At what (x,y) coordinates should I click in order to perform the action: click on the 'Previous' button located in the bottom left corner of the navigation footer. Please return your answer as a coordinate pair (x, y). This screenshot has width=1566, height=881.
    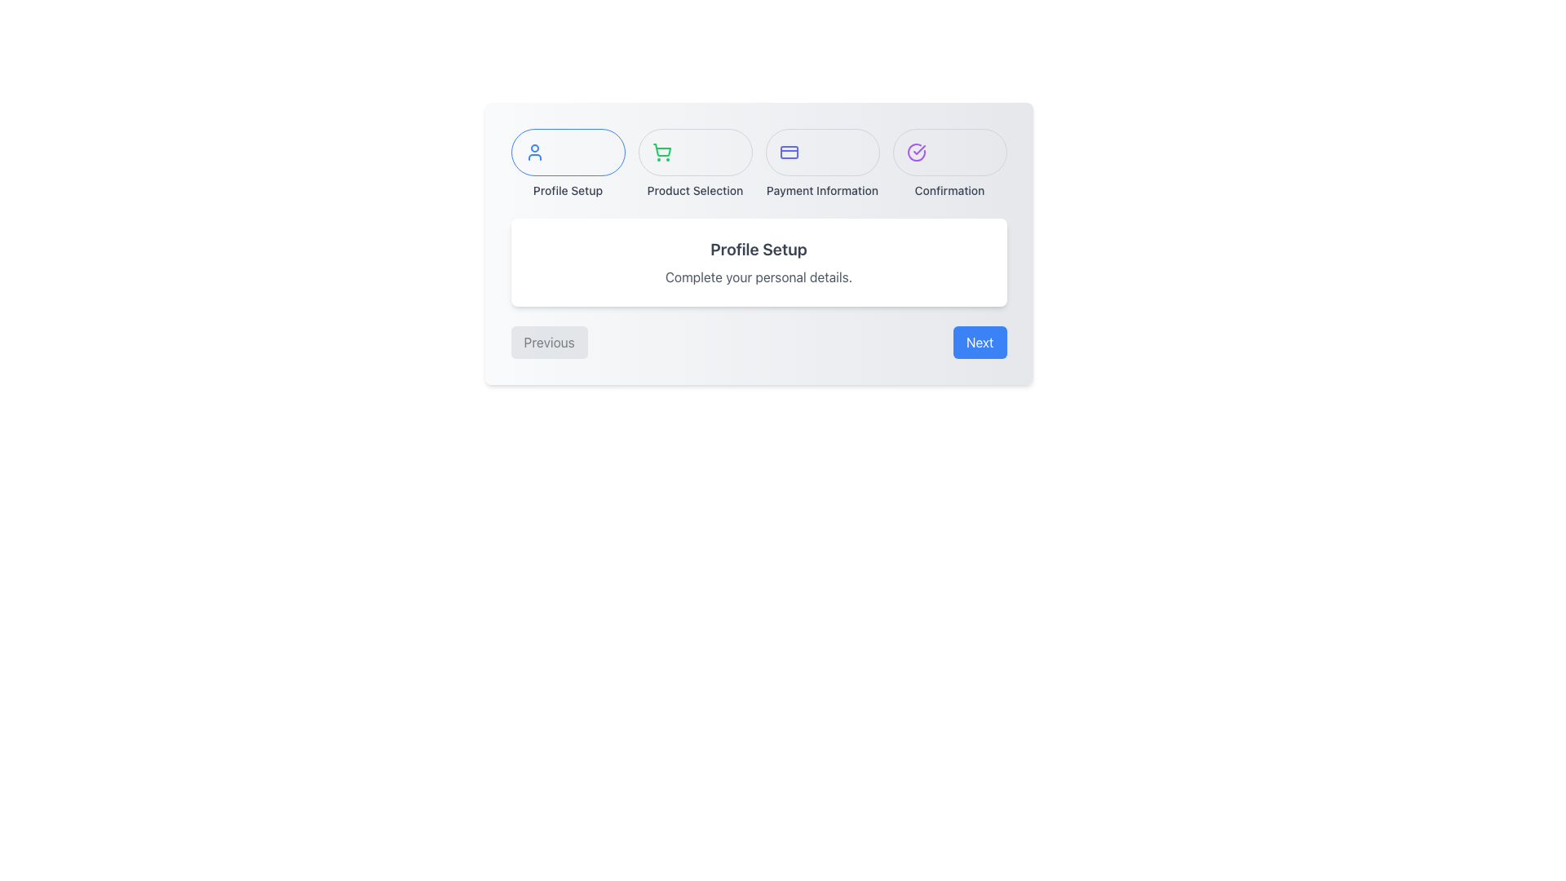
    Looking at the image, I should click on (549, 342).